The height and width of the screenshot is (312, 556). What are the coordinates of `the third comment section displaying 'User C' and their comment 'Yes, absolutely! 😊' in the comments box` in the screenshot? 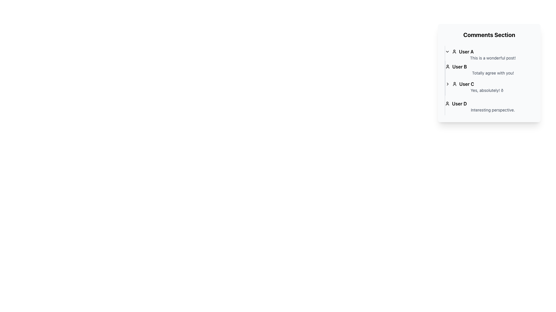 It's located at (489, 87).